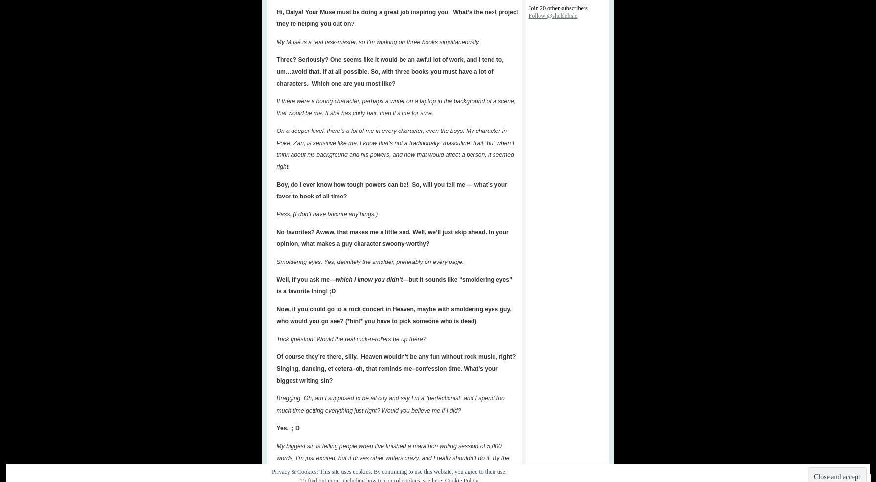  Describe the element at coordinates (394, 285) in the screenshot. I see `'—but it sounds like “smoldering eyes” is a favorite thing! ;D'` at that location.